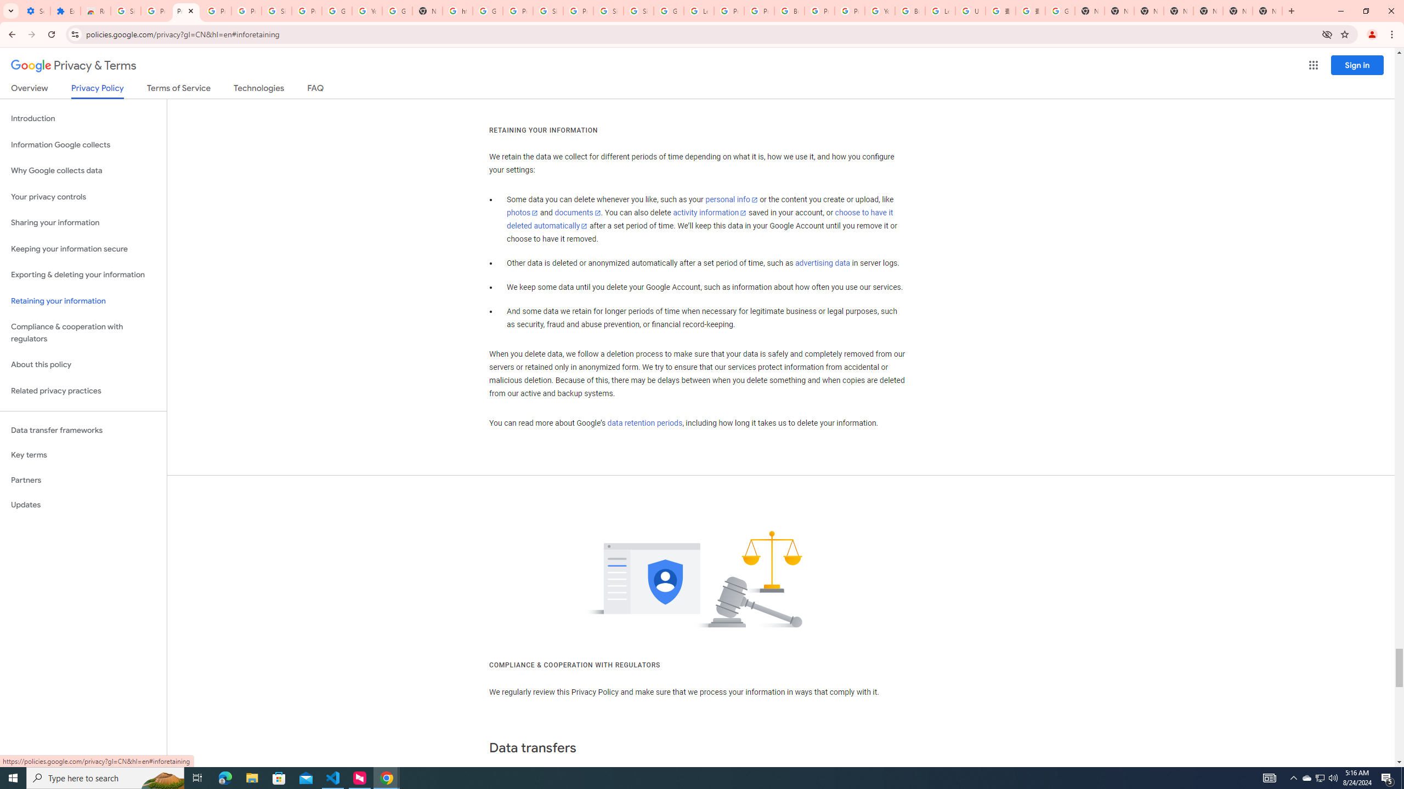 This screenshot has height=789, width=1404. What do you see at coordinates (336, 10) in the screenshot?
I see `'Google Account'` at bounding box center [336, 10].